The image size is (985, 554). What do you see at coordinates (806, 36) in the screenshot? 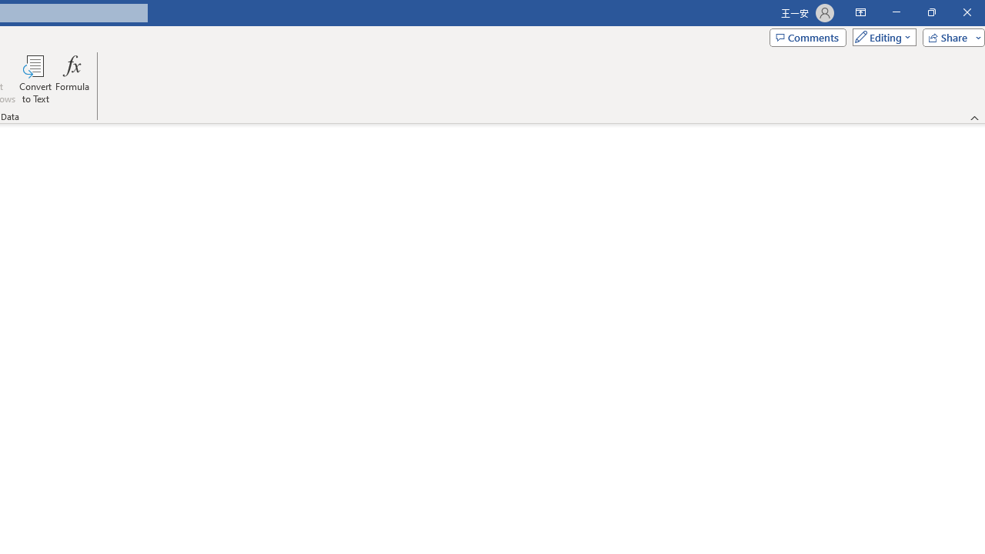
I see `'Comments'` at bounding box center [806, 36].